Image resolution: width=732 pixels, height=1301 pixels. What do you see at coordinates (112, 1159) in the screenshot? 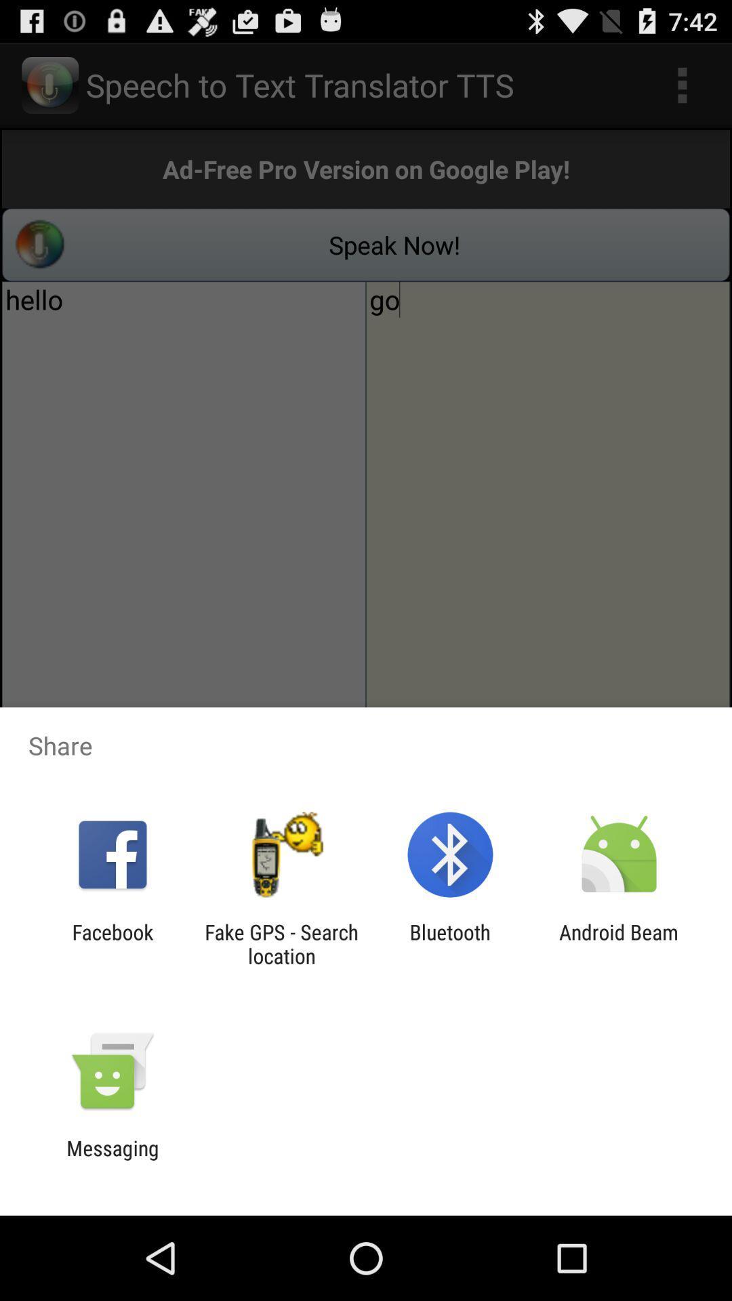
I see `messaging` at bounding box center [112, 1159].